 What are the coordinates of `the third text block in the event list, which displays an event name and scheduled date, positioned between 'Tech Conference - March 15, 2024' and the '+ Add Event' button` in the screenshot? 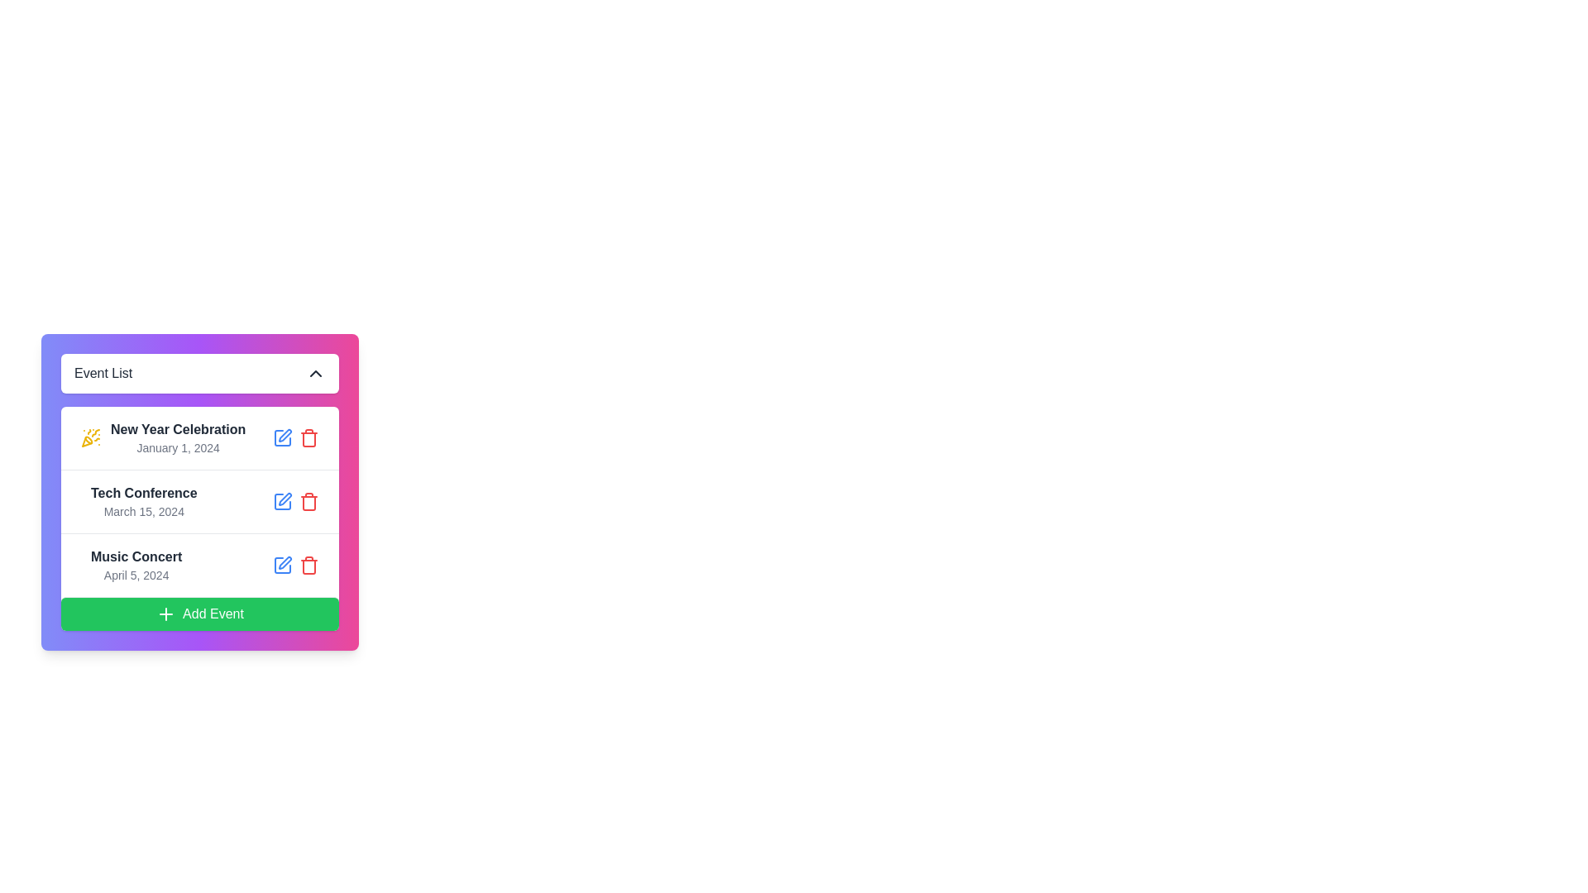 It's located at (136, 564).